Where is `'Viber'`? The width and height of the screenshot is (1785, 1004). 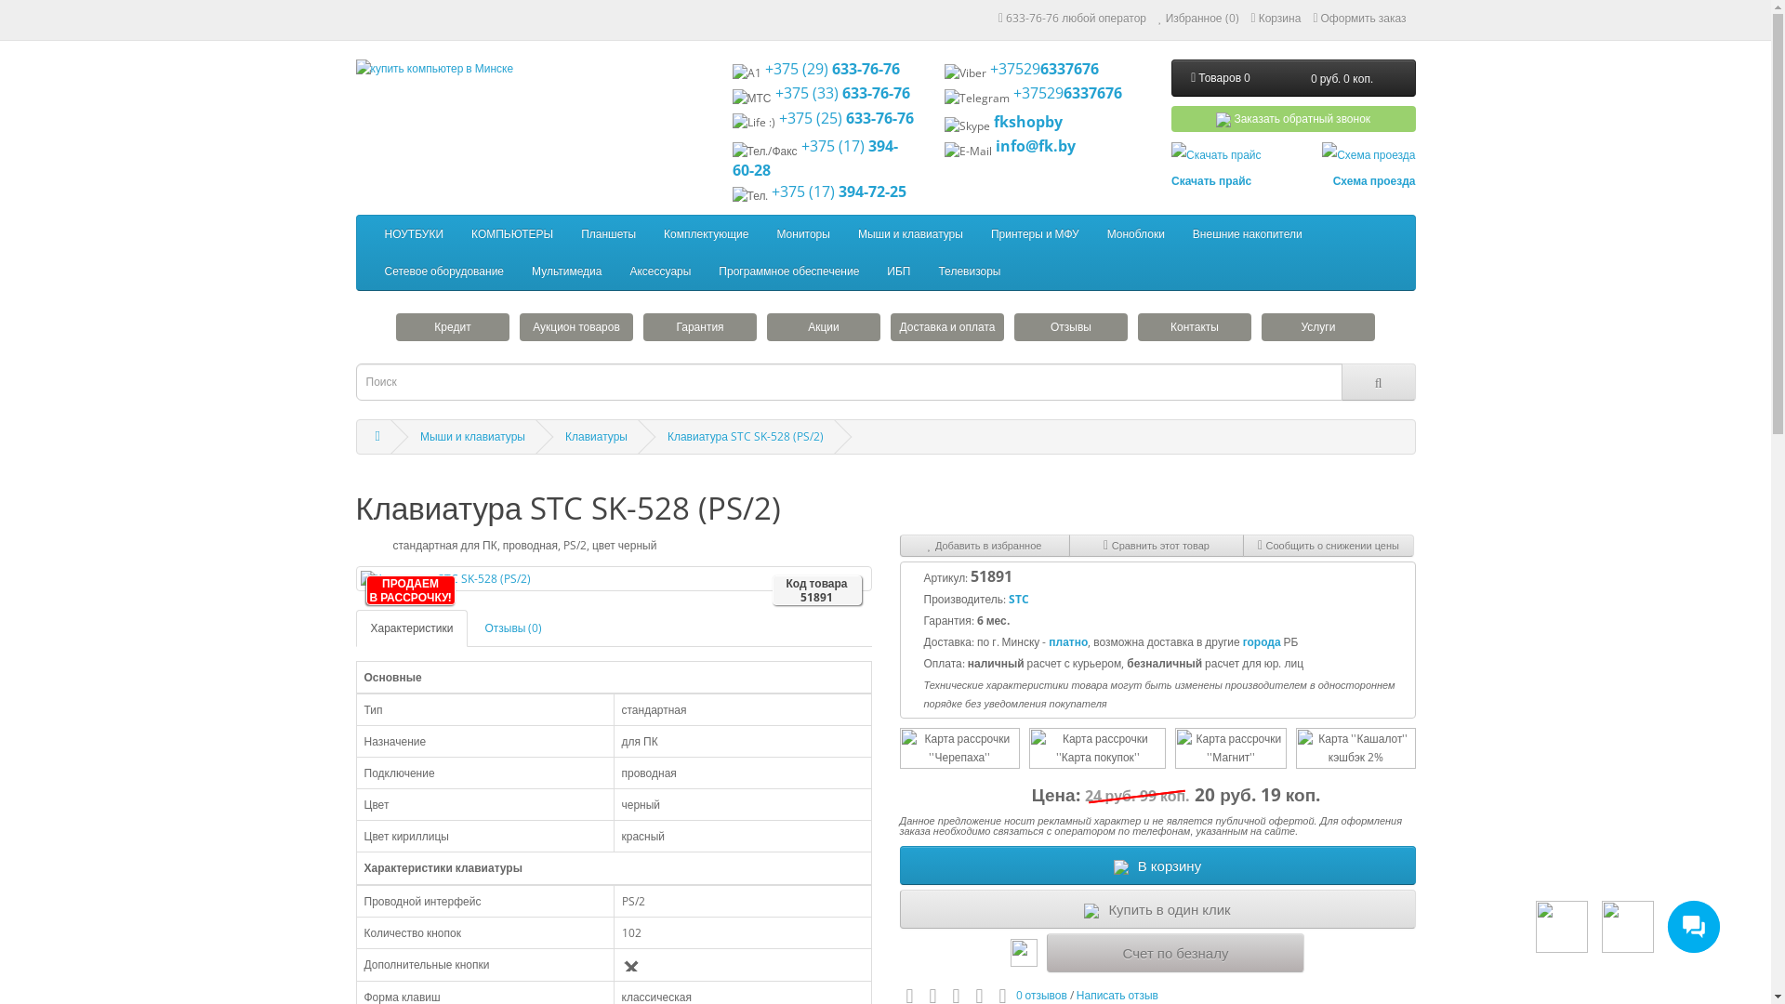 'Viber' is located at coordinates (965, 72).